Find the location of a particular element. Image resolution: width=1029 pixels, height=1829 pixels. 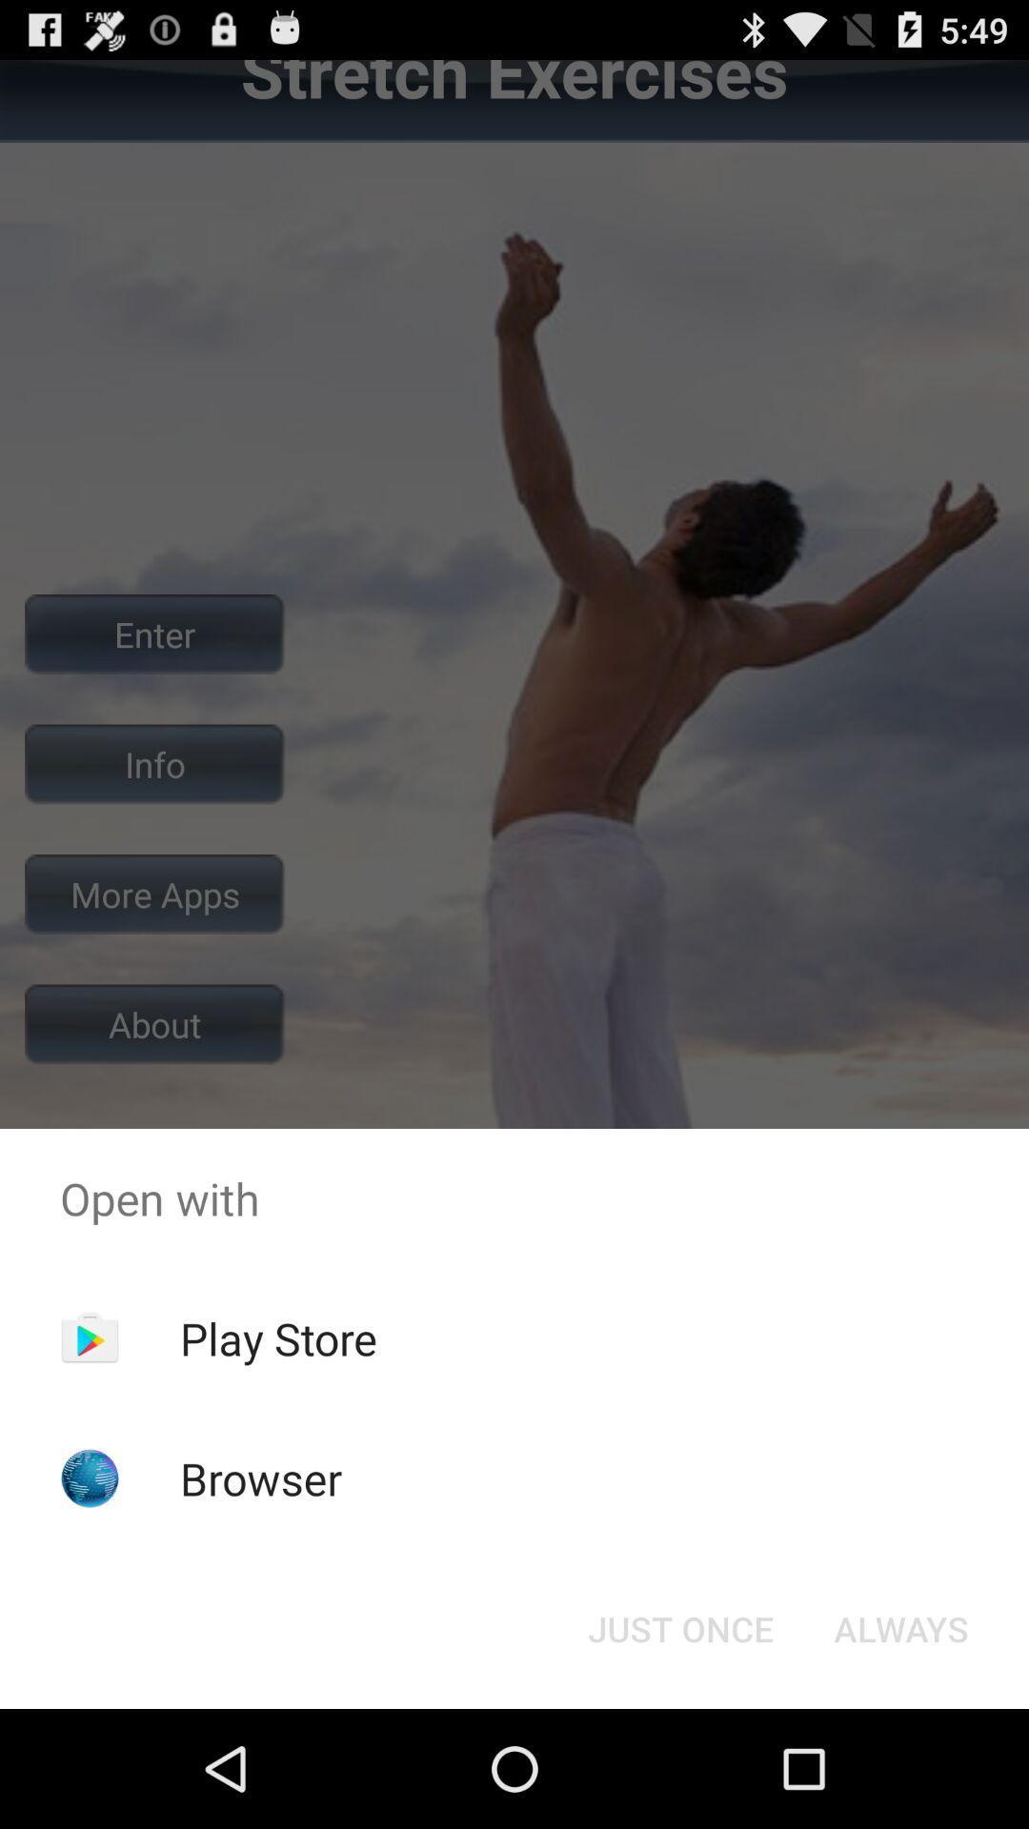

the always item is located at coordinates (900, 1627).